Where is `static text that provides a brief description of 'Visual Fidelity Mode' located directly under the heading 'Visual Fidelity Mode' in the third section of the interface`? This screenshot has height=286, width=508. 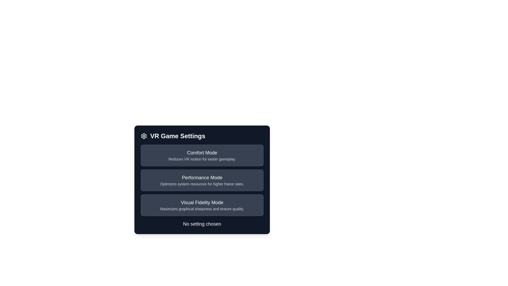 static text that provides a brief description of 'Visual Fidelity Mode' located directly under the heading 'Visual Fidelity Mode' in the third section of the interface is located at coordinates (202, 209).